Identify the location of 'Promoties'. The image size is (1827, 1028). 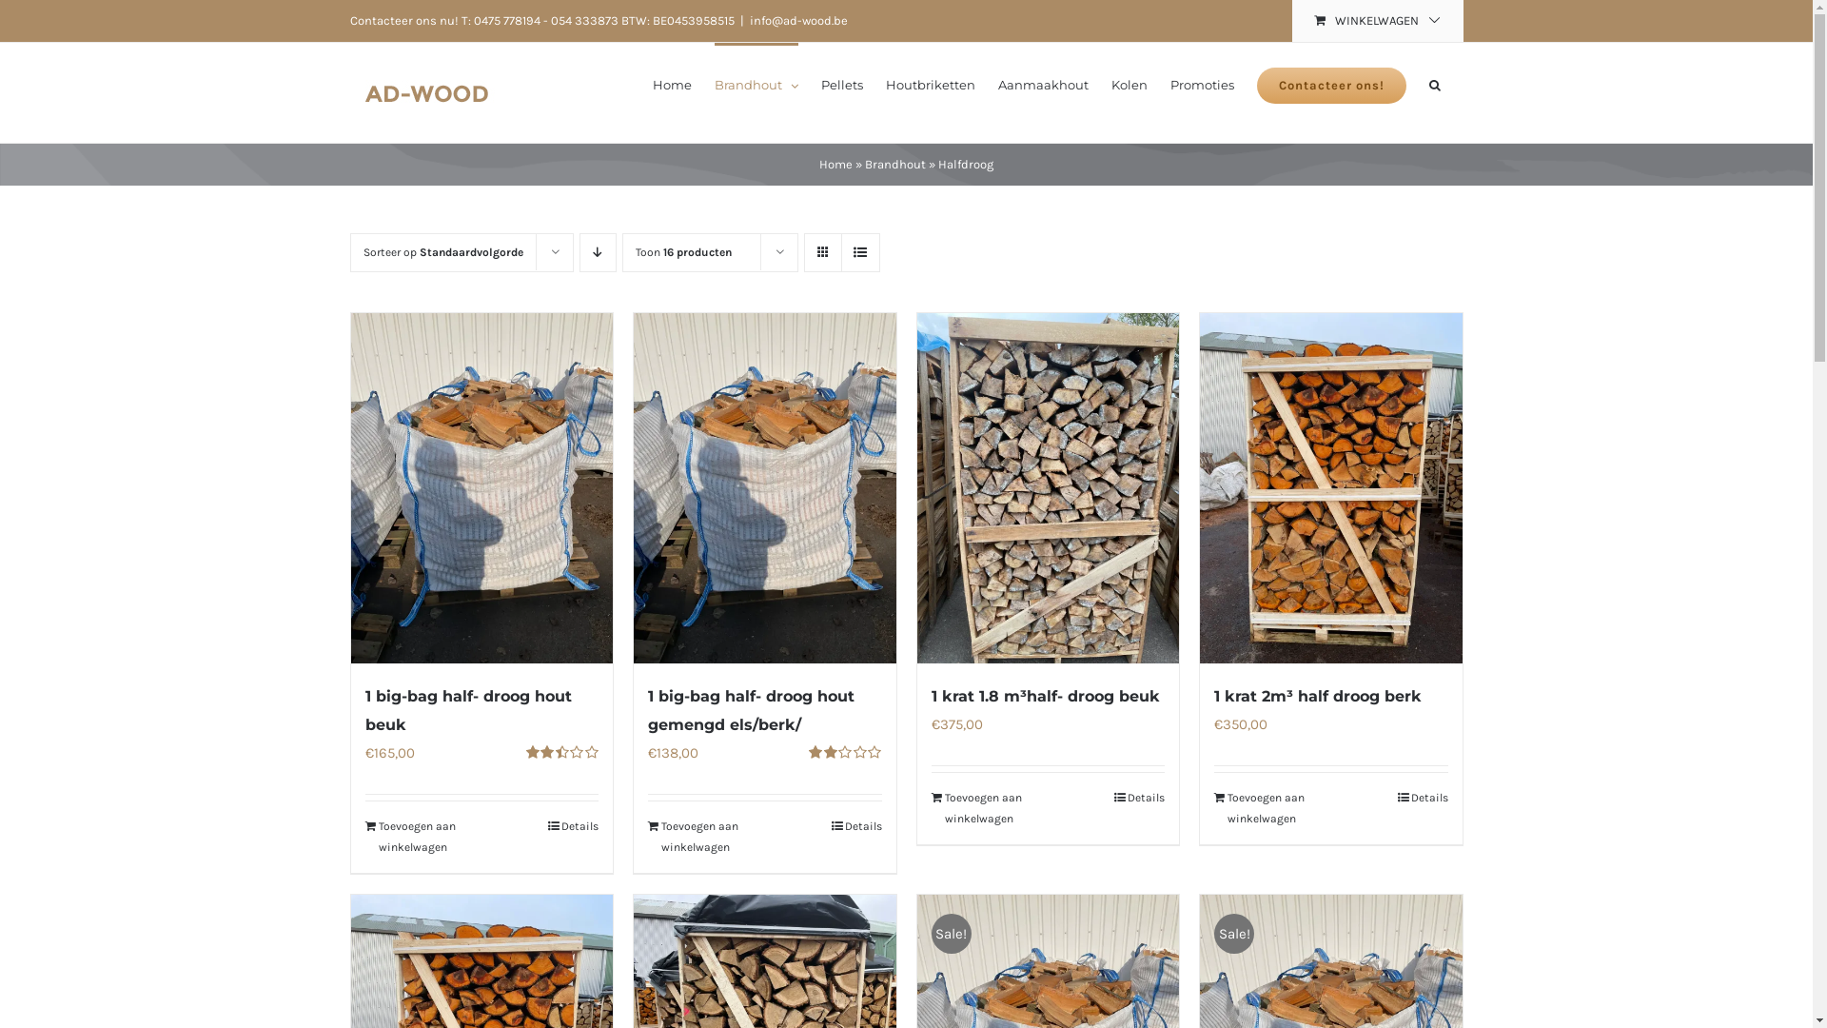
(1201, 83).